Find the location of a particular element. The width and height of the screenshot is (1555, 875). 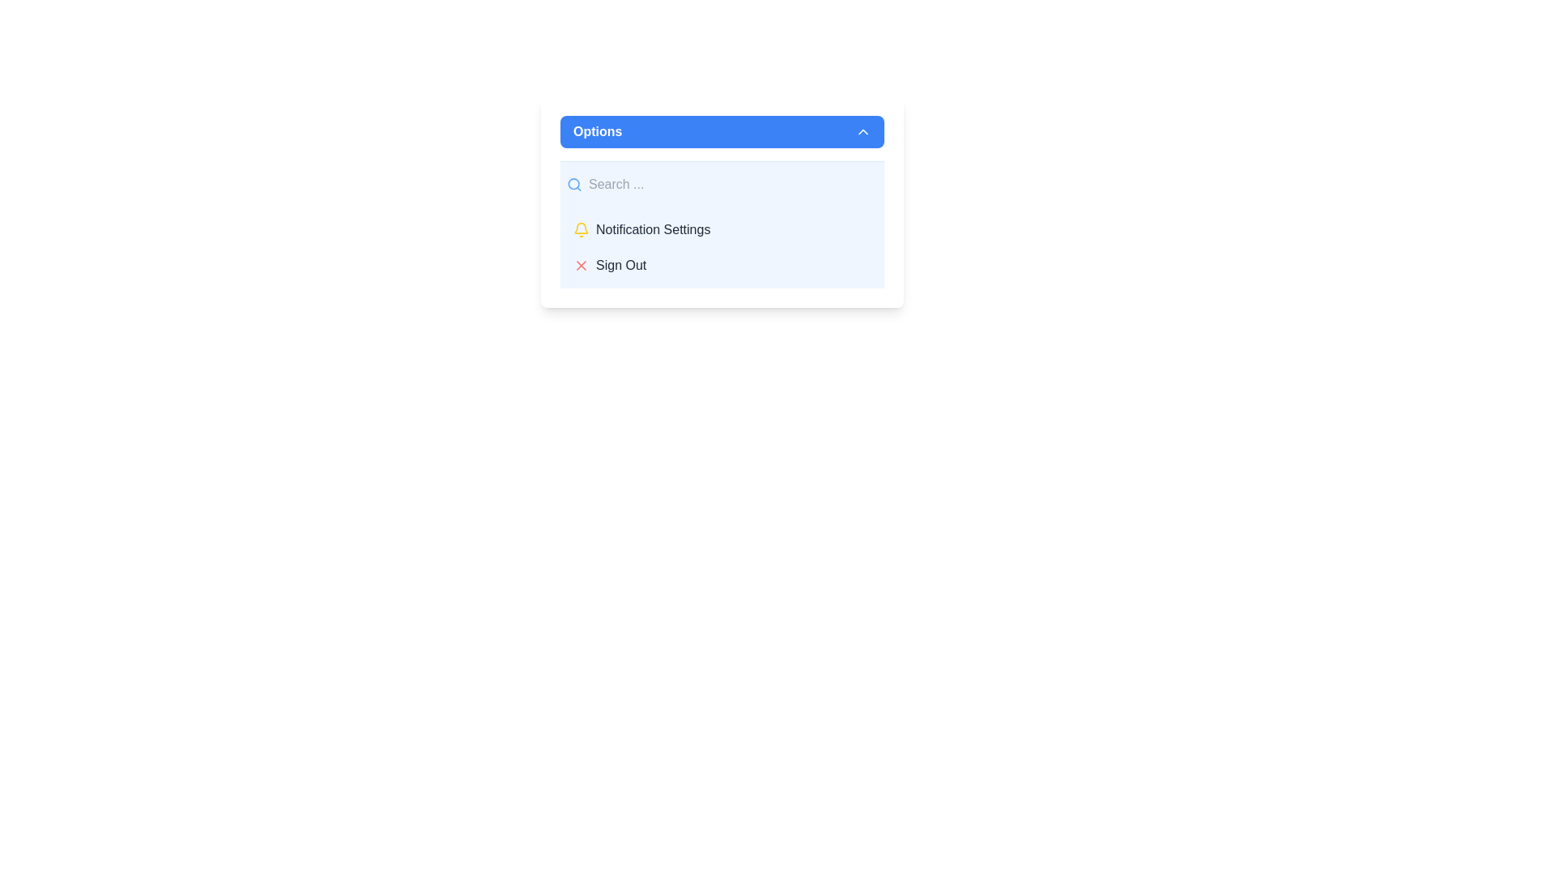

the chevron-up icon in the blue header labeled 'Options' is located at coordinates (862, 130).